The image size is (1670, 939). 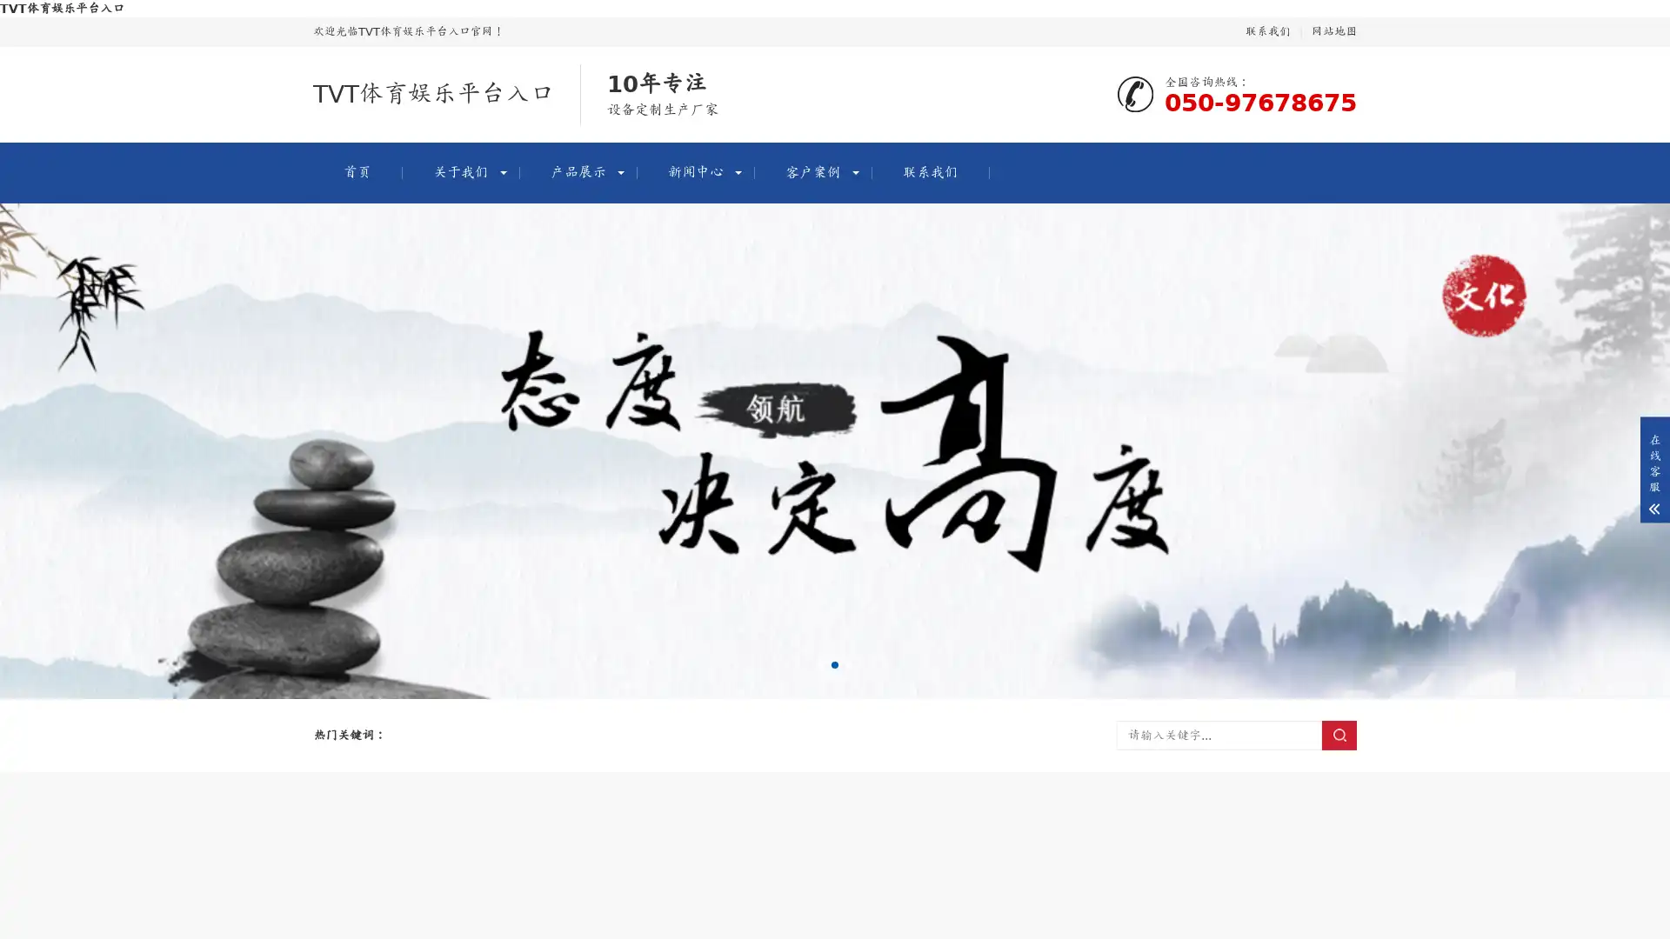 What do you see at coordinates (835, 664) in the screenshot?
I see `Go to slide 2` at bounding box center [835, 664].